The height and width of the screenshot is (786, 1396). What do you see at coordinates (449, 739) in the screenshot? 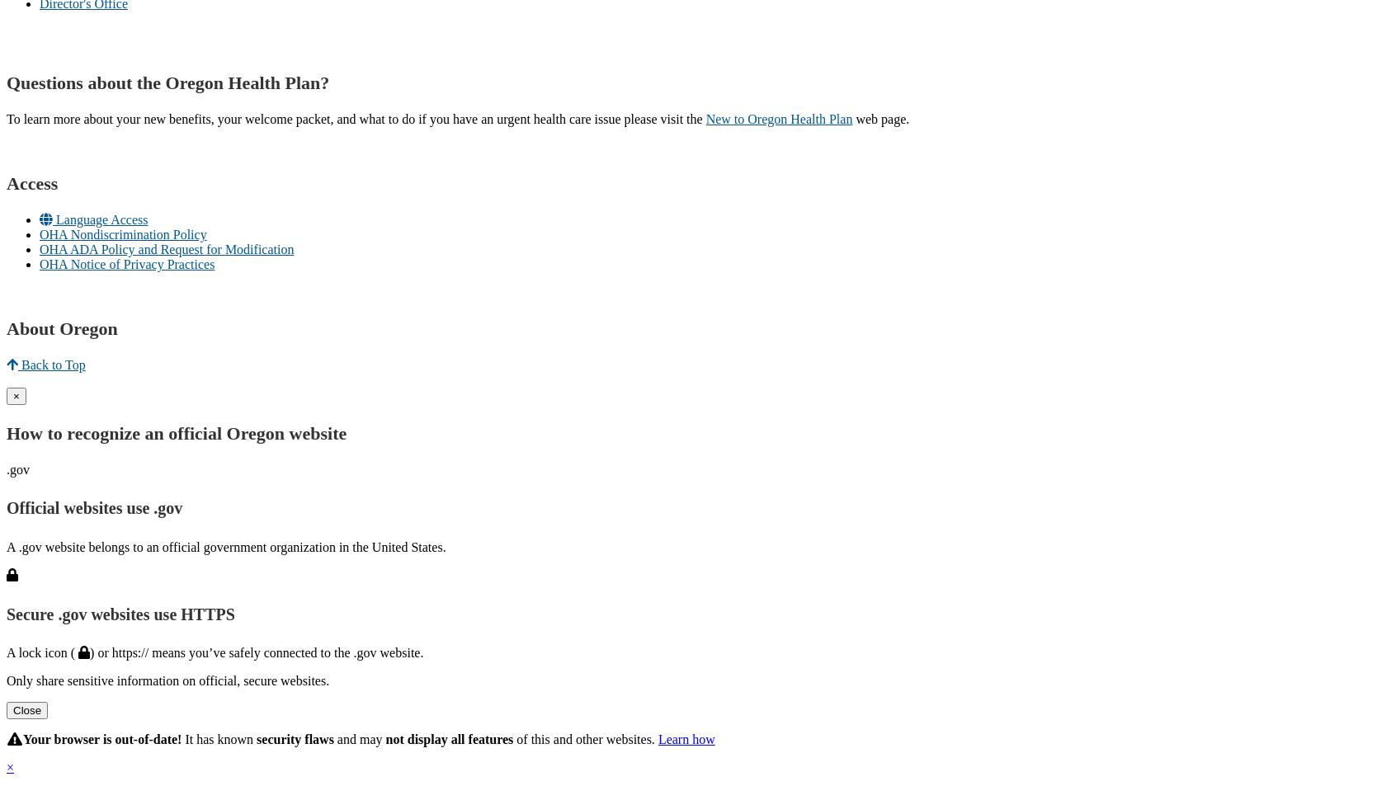
I see `'not display all features'` at bounding box center [449, 739].